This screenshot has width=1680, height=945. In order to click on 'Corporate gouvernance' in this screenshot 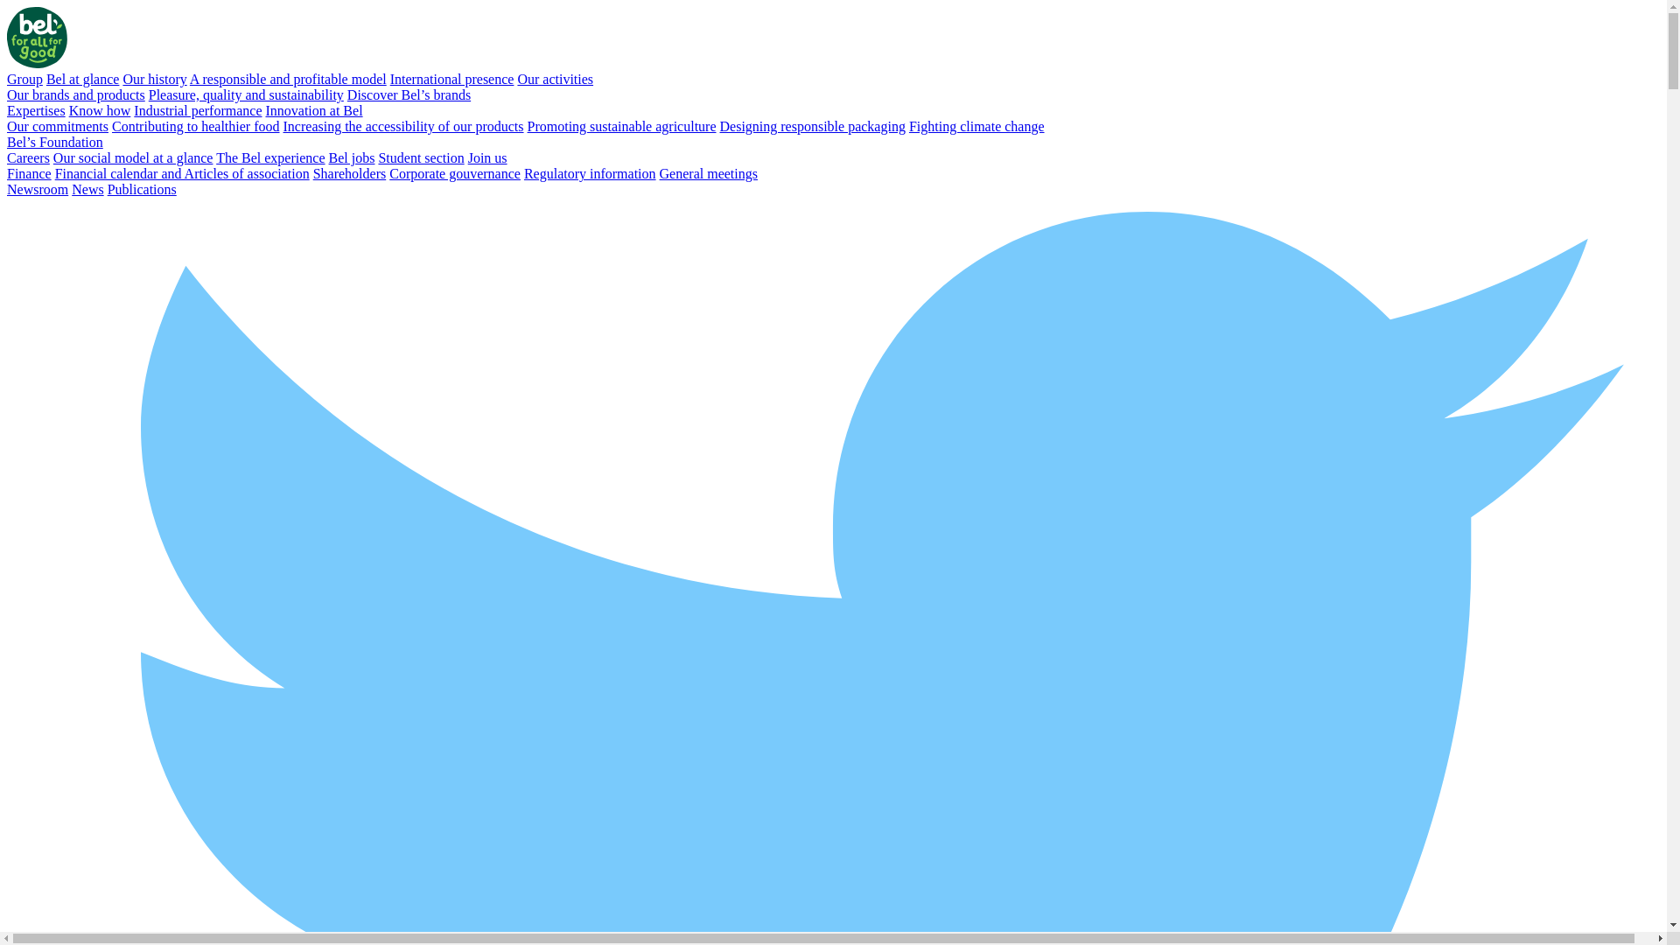, I will do `click(388, 173)`.